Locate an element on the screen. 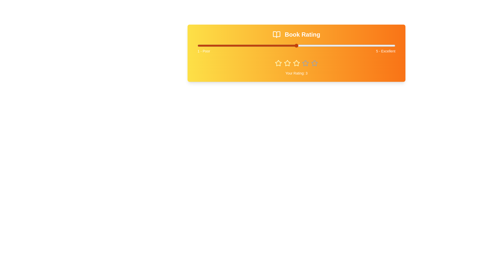 This screenshot has width=482, height=271. the book rating is located at coordinates (247, 45).